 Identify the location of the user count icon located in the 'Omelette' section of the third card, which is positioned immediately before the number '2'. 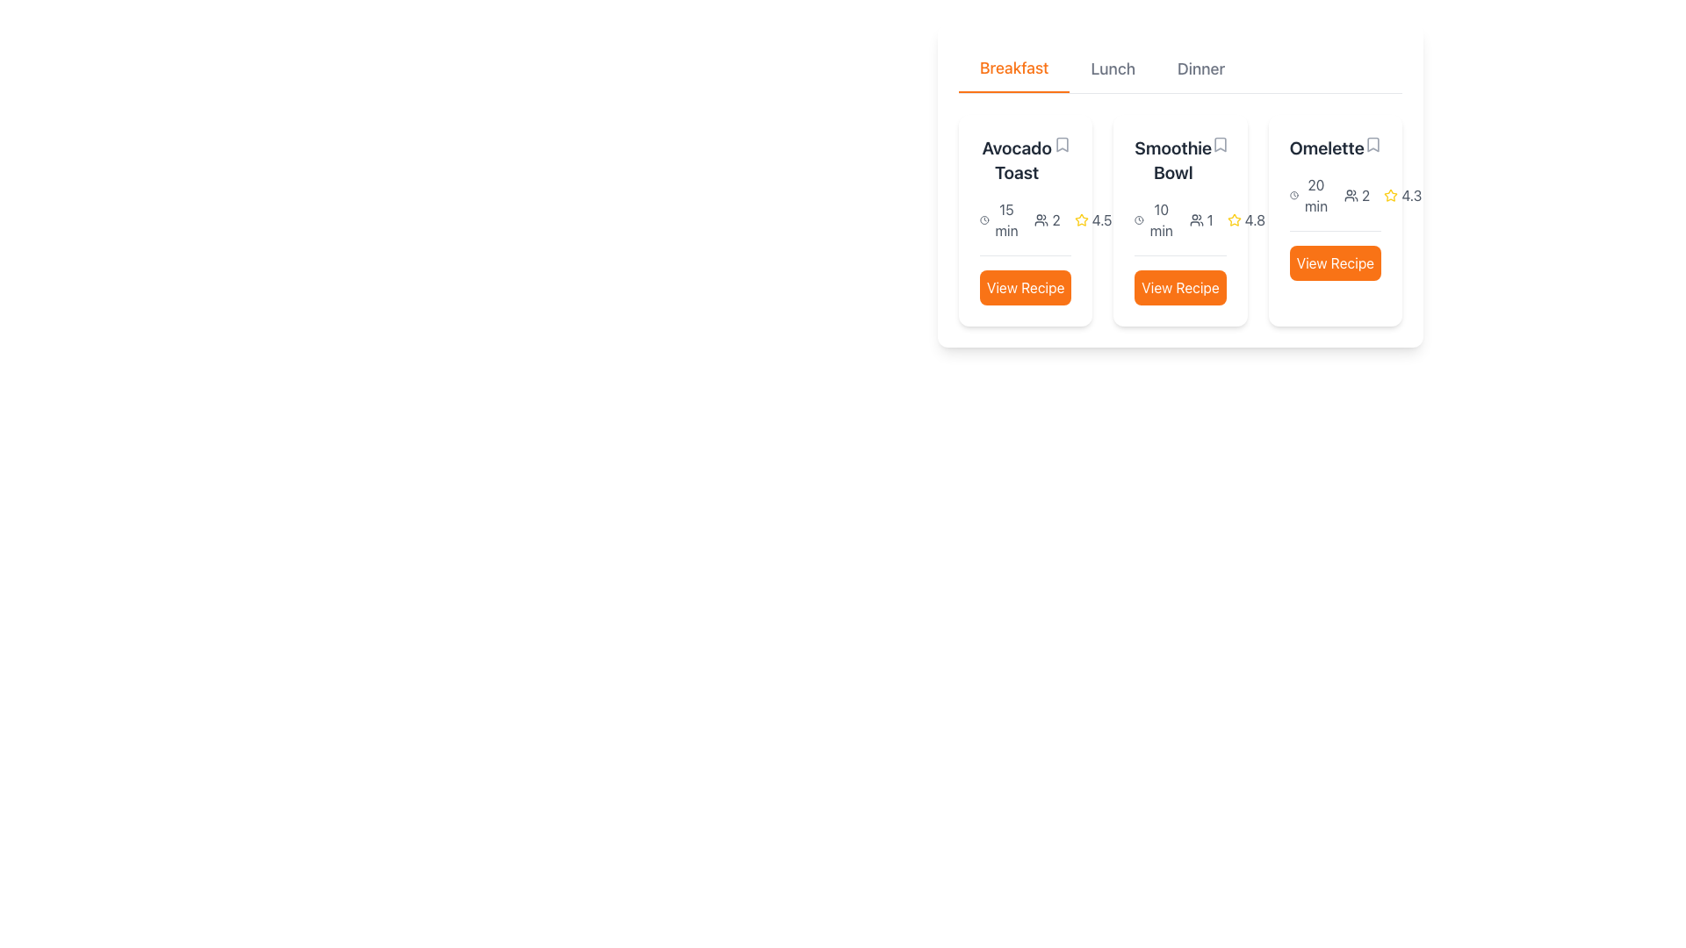
(1349, 196).